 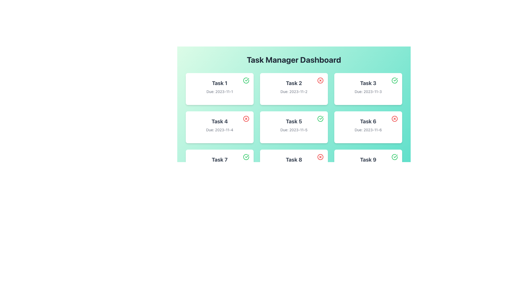 I want to click on the text label that identifies the task 'Task 5', located in the central region of the interface within the third row and second column of the grid layout, so click(x=294, y=121).